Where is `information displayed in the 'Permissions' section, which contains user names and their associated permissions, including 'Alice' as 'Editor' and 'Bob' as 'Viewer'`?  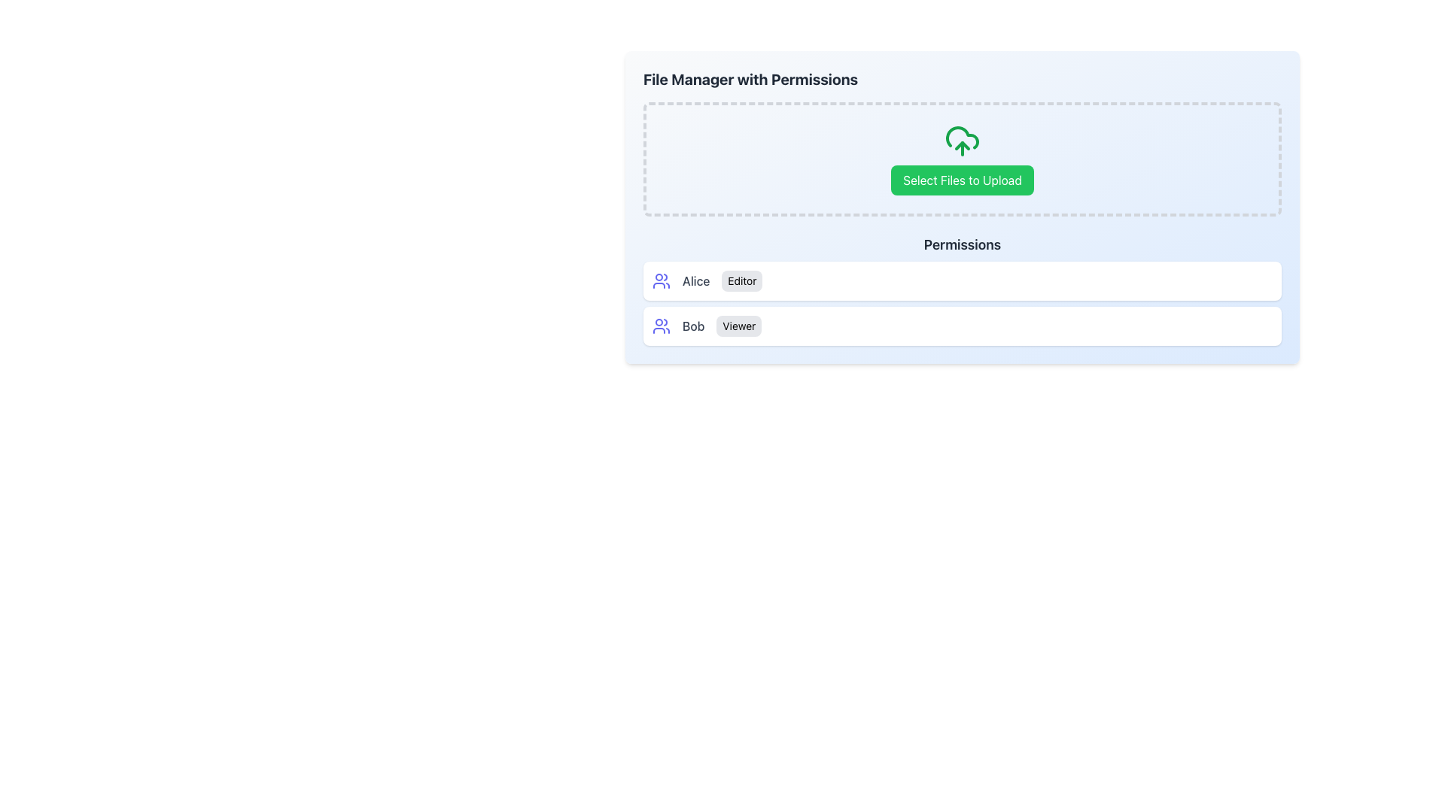 information displayed in the 'Permissions' section, which contains user names and their associated permissions, including 'Alice' as 'Editor' and 'Bob' as 'Viewer' is located at coordinates (961, 289).